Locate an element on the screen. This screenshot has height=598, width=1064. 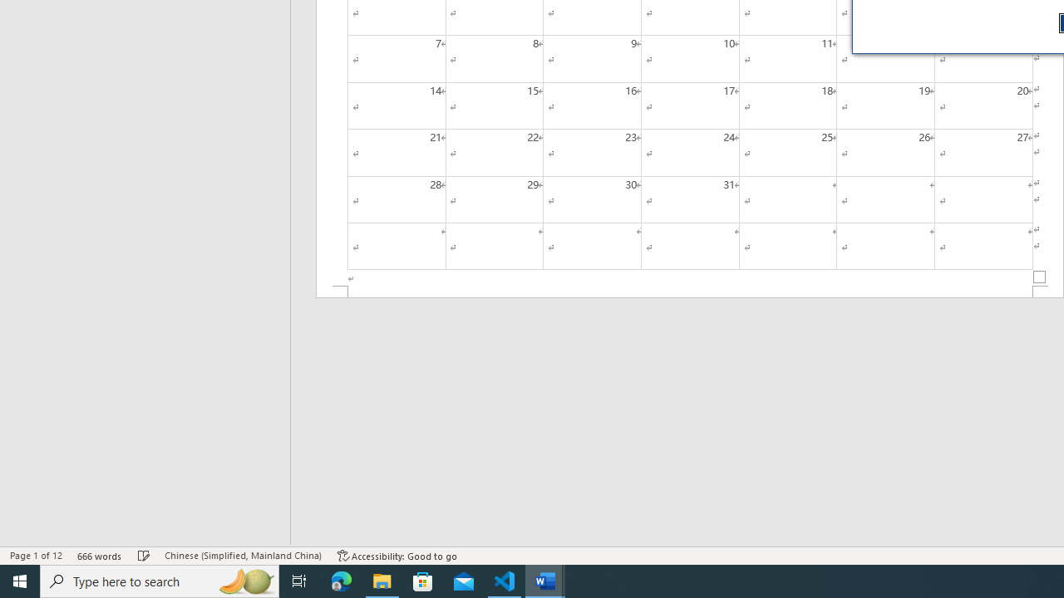
'Footer -Section 1-' is located at coordinates (690, 291).